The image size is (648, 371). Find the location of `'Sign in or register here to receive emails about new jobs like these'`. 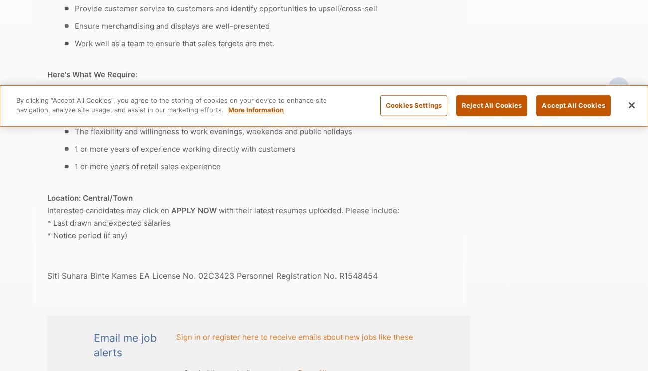

'Sign in or register here to receive emails about new jobs like these' is located at coordinates (294, 336).